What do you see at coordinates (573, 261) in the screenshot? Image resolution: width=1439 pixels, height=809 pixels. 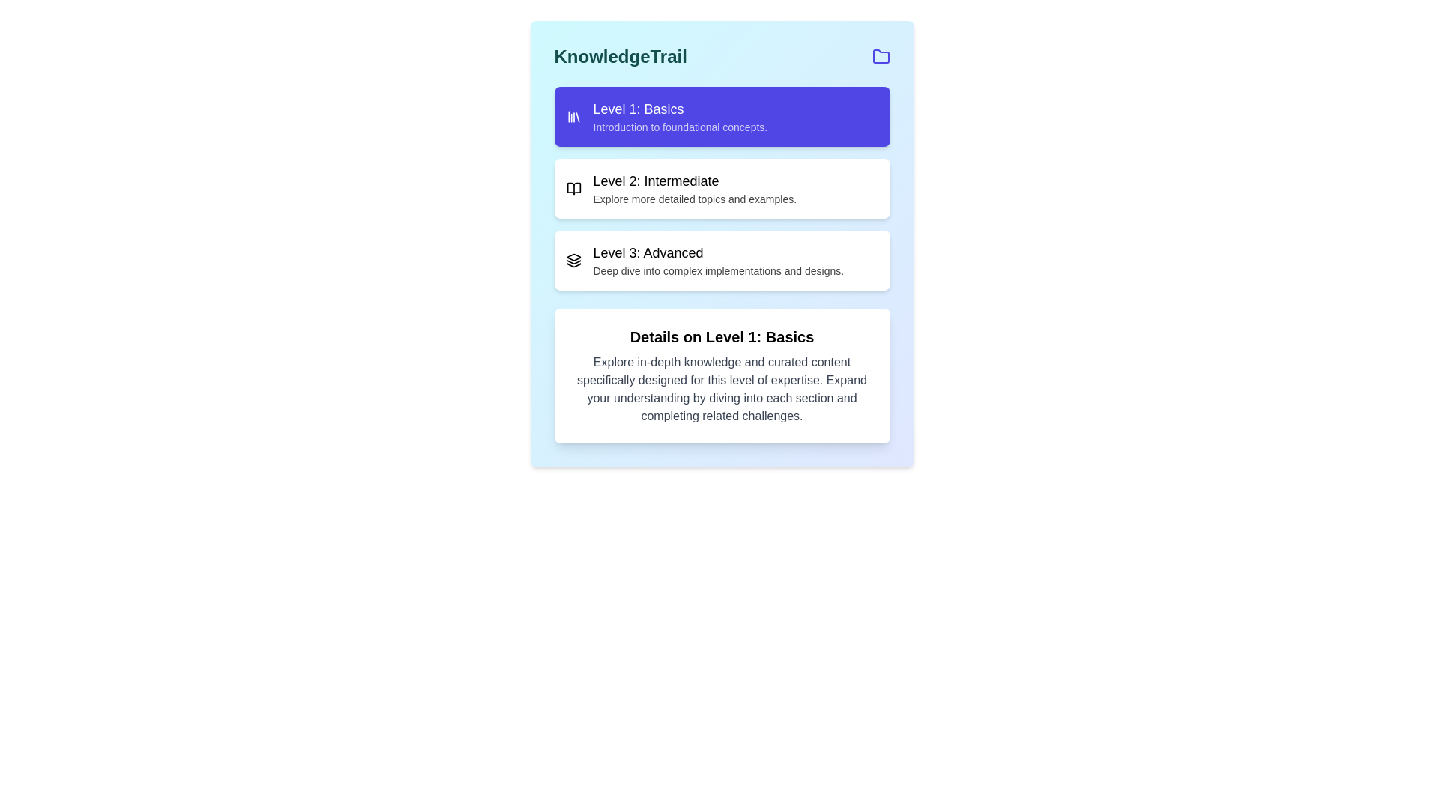 I see `the middle layer of the layers icon, which is a curved shape resembling an open shell or wave, located in the top-right area of the card layout` at bounding box center [573, 261].